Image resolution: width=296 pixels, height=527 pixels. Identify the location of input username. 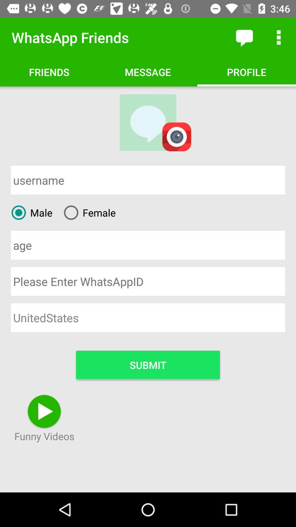
(148, 180).